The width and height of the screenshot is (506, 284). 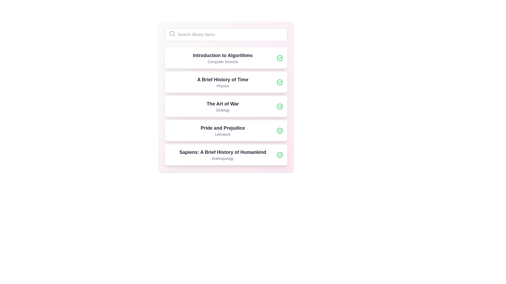 What do you see at coordinates (279, 130) in the screenshot?
I see `the green circular icon with a check mark indicating completion, located in the top-right corner of the 'Pride and Prejudice' card` at bounding box center [279, 130].